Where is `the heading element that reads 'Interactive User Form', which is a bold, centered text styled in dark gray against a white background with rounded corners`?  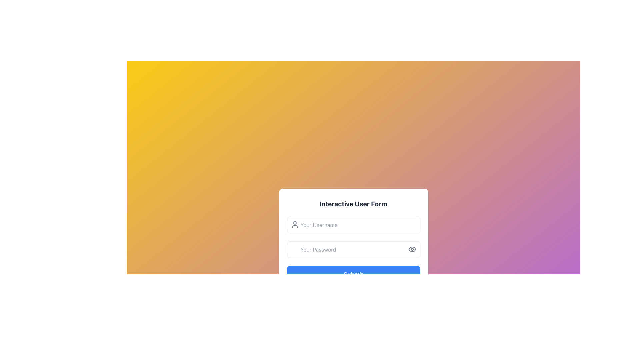 the heading element that reads 'Interactive User Form', which is a bold, centered text styled in dark gray against a white background with rounded corners is located at coordinates (353, 204).